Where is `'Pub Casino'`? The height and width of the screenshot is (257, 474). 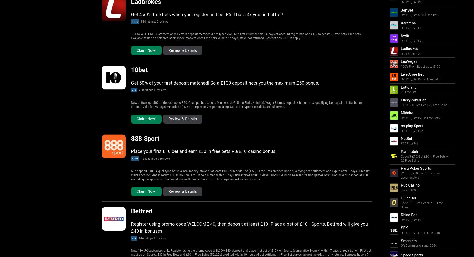 'Pub Casino' is located at coordinates (410, 185).